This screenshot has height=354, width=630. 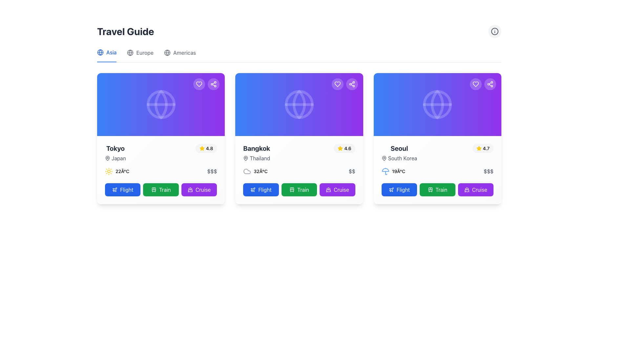 I want to click on the text label displaying 'Thailand' which is styled in subtle gray and aligned with a map pin icon, as it may include hidden interactivity, so click(x=256, y=158).